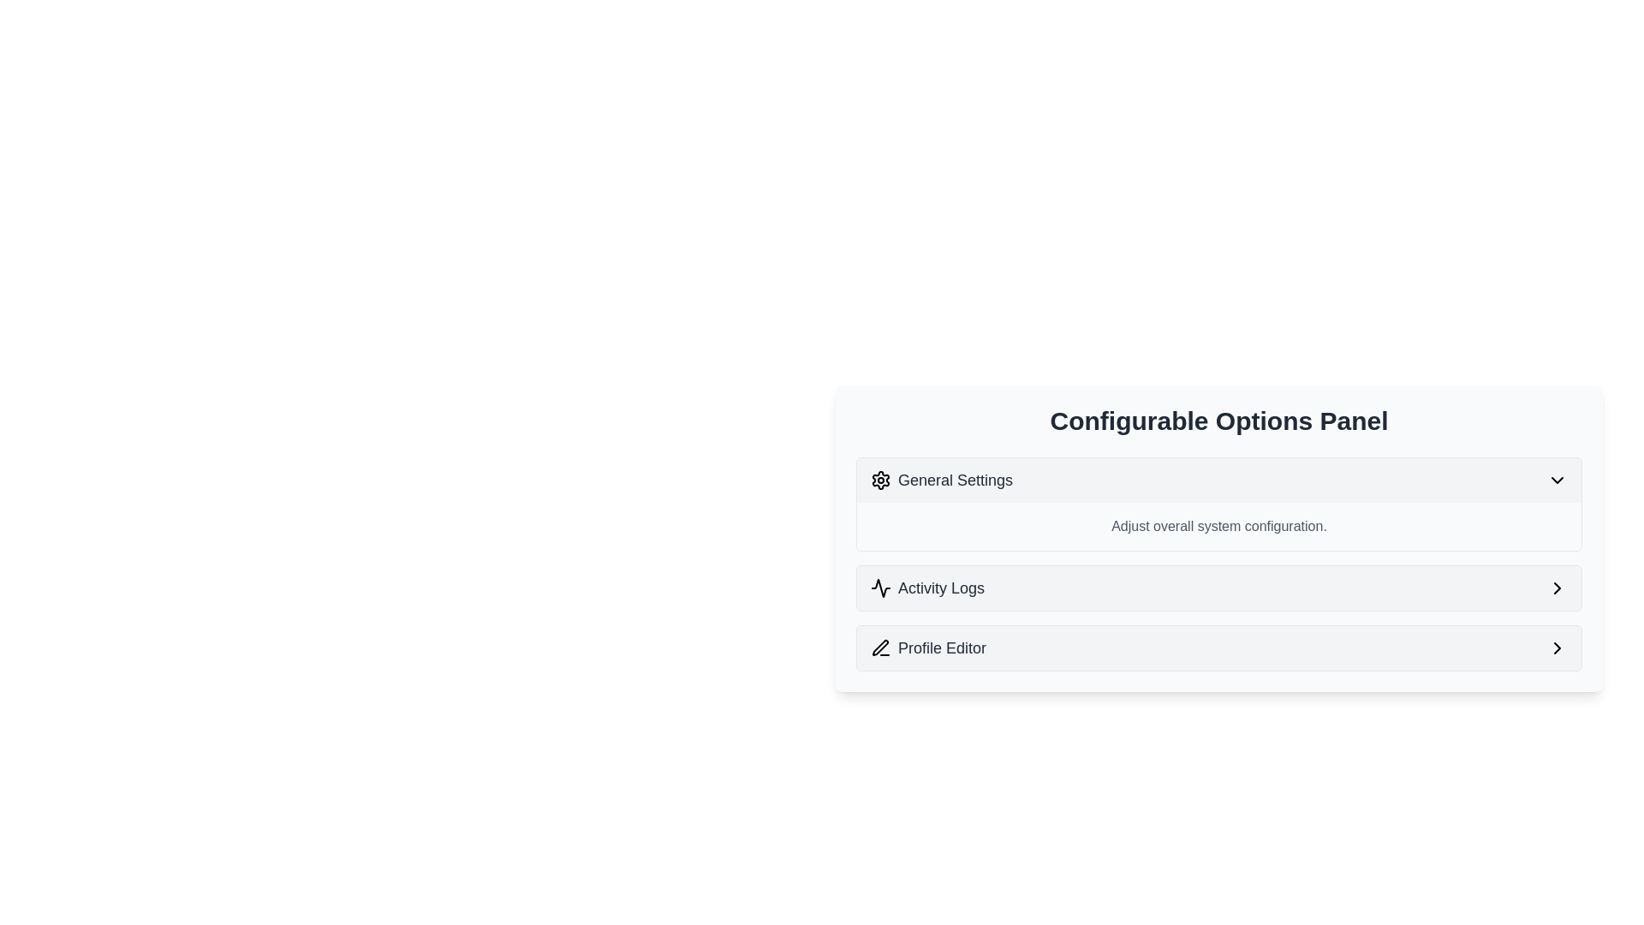  Describe the element at coordinates (1558, 647) in the screenshot. I see `the Chevron icon located on the far right side of the 'Profile Editor' section in the 'Configurable Options Panel'` at that location.